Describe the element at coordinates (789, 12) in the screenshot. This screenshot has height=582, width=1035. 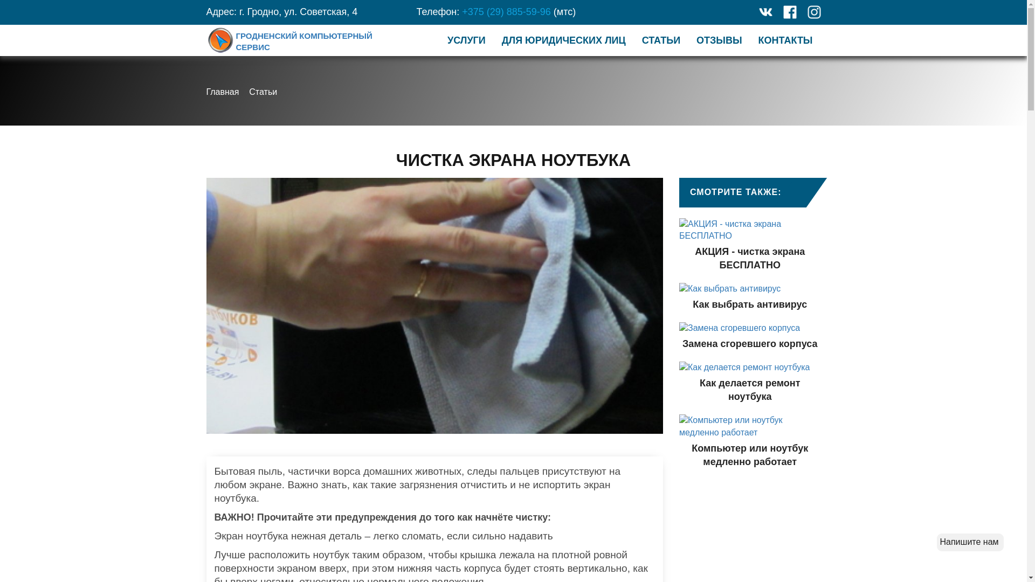
I see `'facebook'` at that location.